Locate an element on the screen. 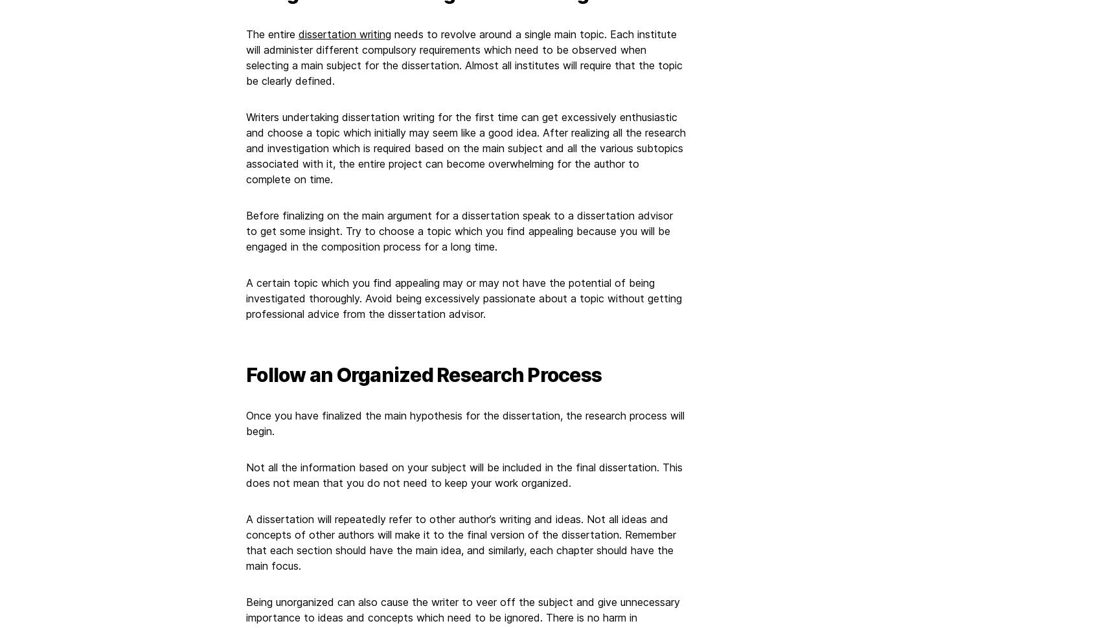  'The entire' is located at coordinates (271, 32).